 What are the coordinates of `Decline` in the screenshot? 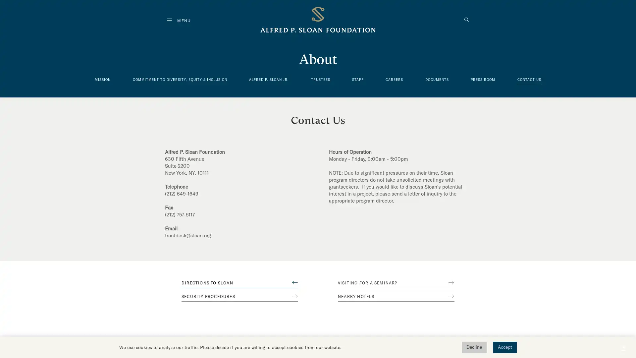 It's located at (474, 347).